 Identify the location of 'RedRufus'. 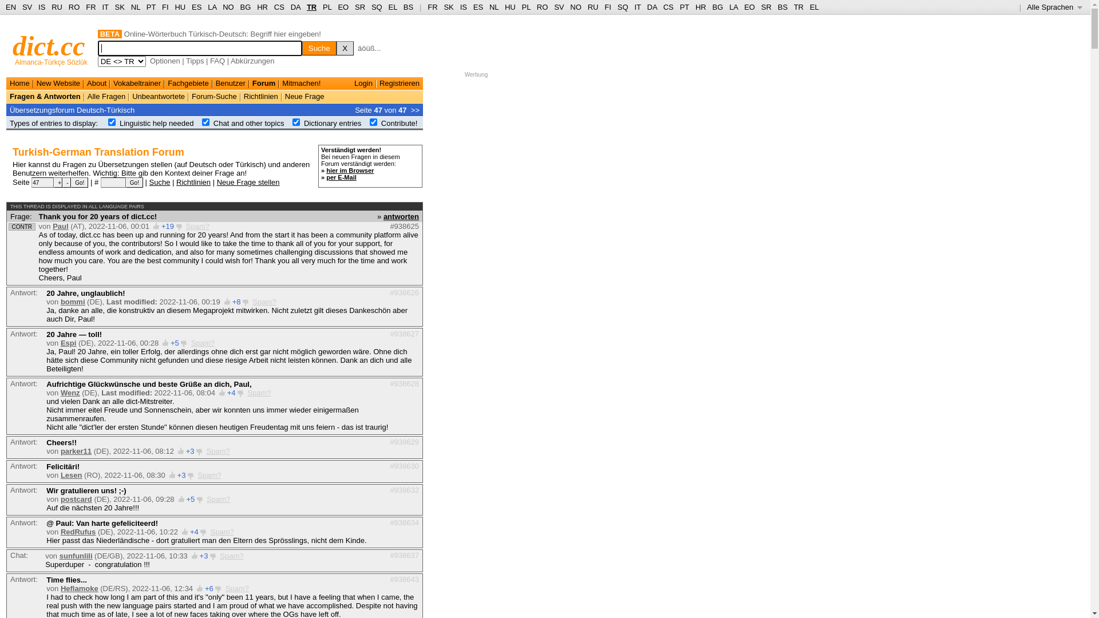
(77, 532).